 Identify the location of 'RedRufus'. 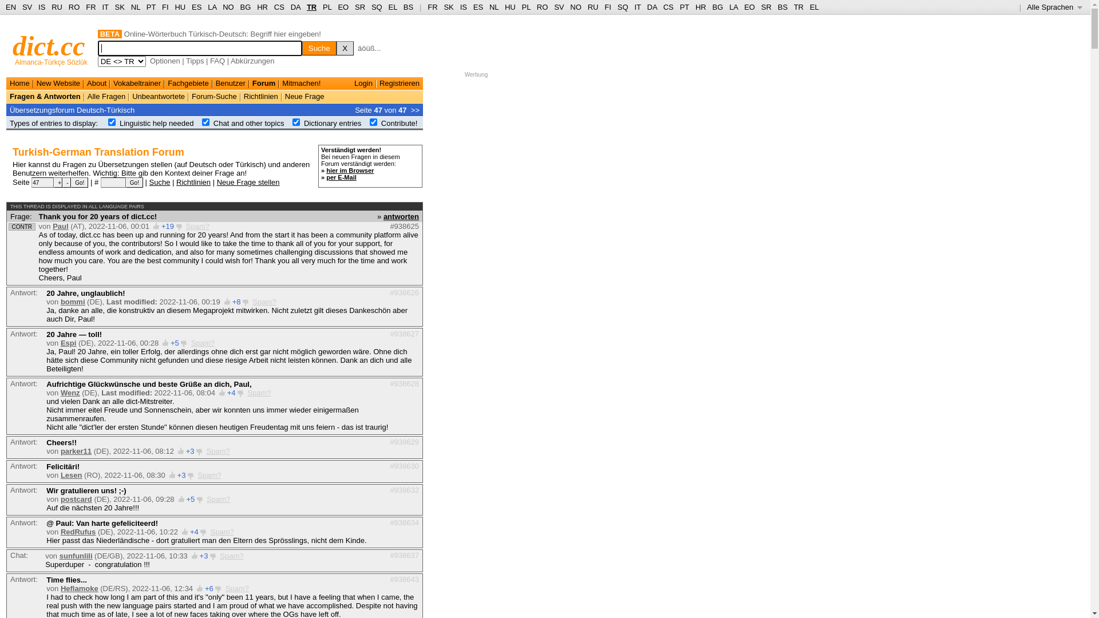
(77, 532).